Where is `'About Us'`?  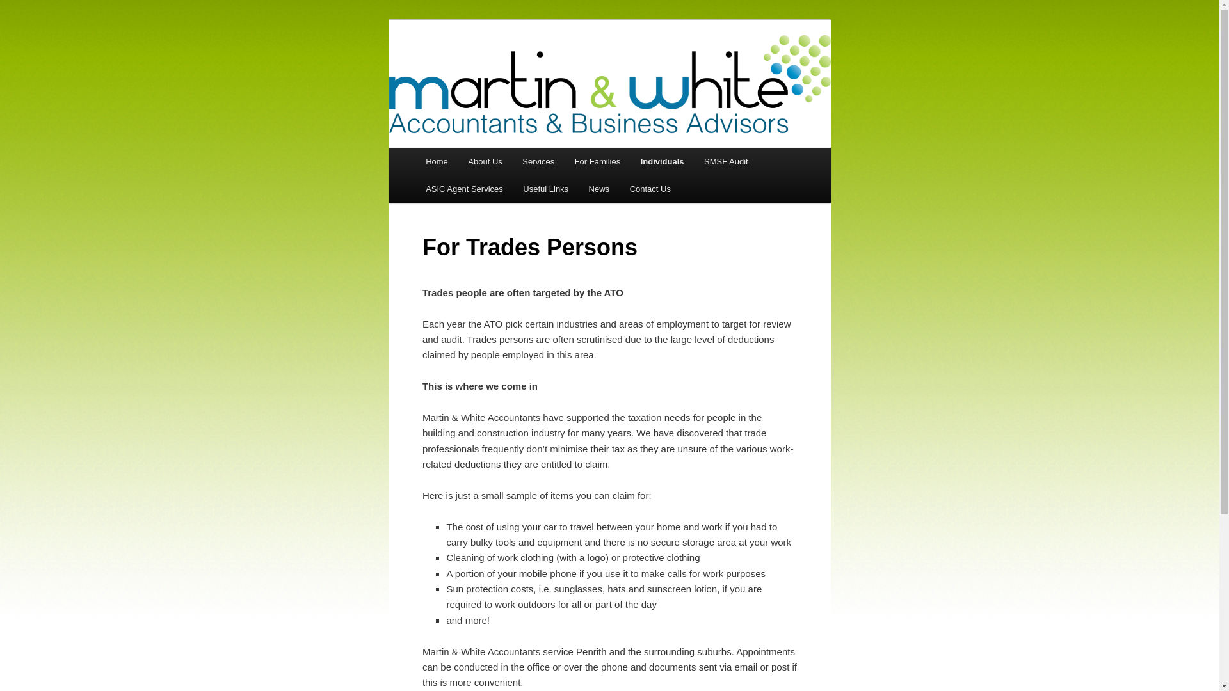 'About Us' is located at coordinates (485, 161).